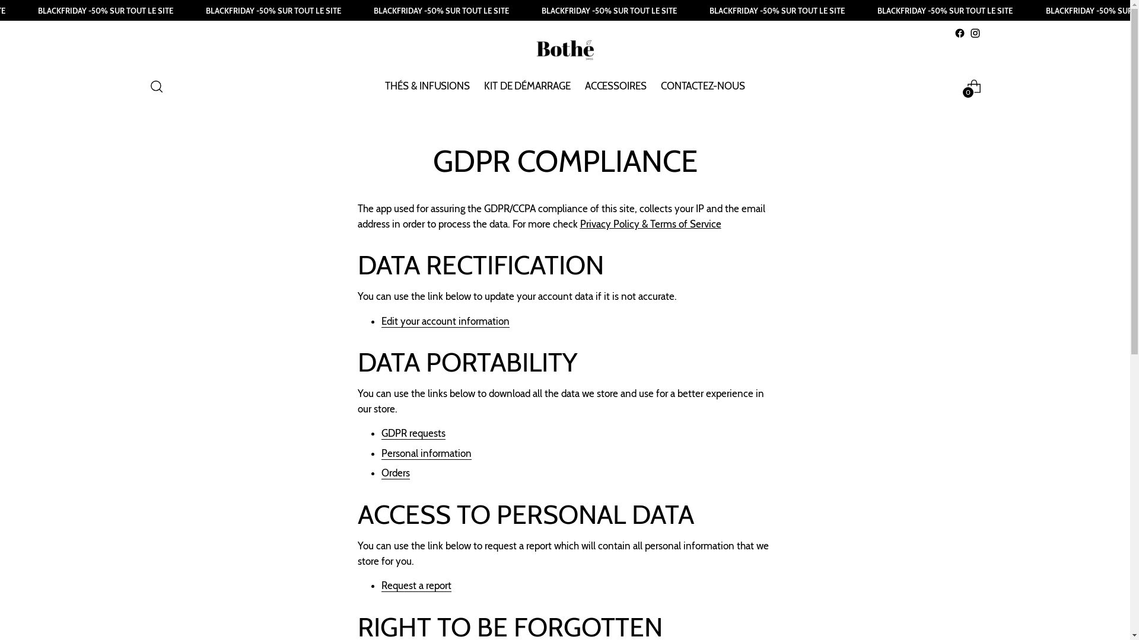 The image size is (1139, 640). I want to click on 'Bothe Swiss sur Instagram', so click(974, 33).